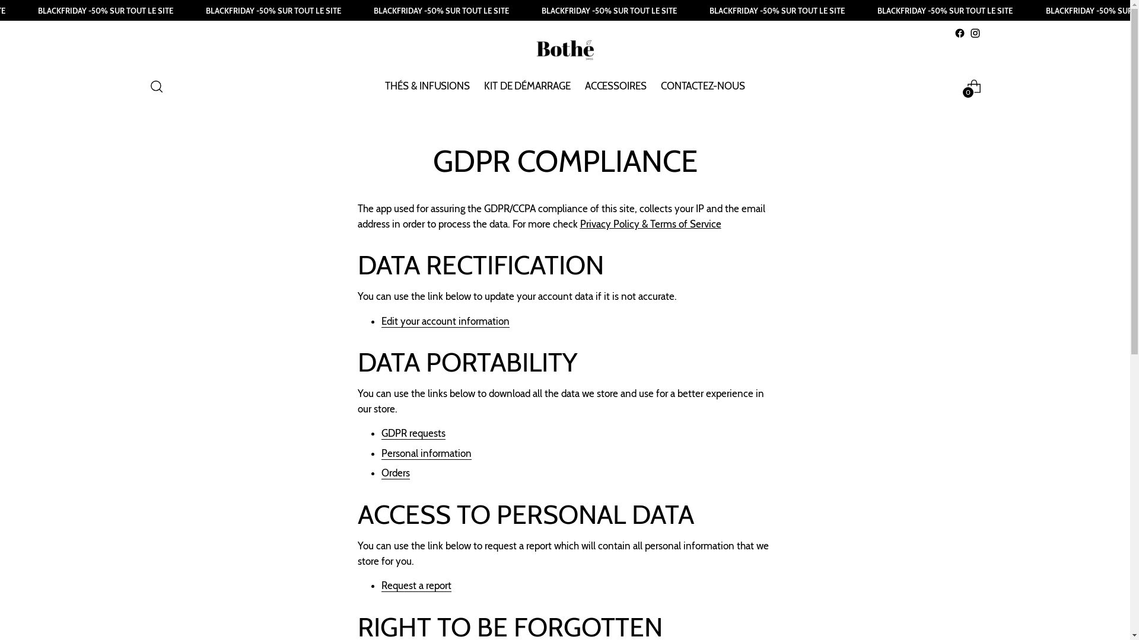 The image size is (1139, 640). I want to click on 'Bothe Swiss sur Instagram', so click(974, 33).